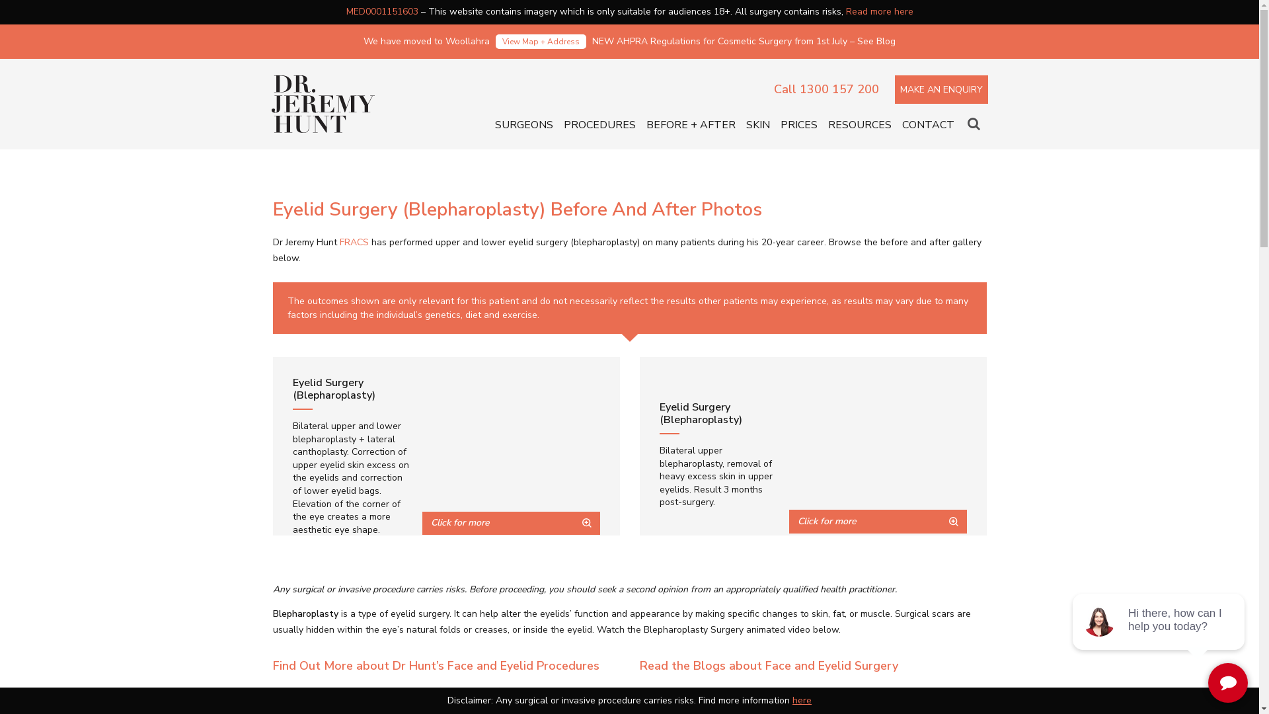 The height and width of the screenshot is (714, 1269). What do you see at coordinates (541, 40) in the screenshot?
I see `'View Map + Address'` at bounding box center [541, 40].